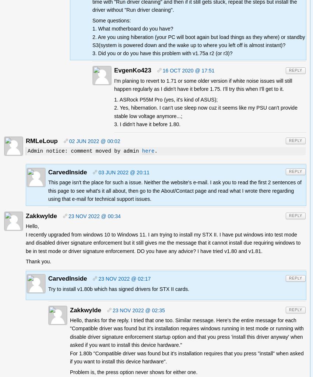 The image size is (313, 377). What do you see at coordinates (163, 242) in the screenshot?
I see `'I recently upgraded from windows 10 to Windows 11. I am trying to install my STX II. I have put windows into test mode and disabled driver signature enforcement but it still gives me the message that it cannot install due requiring windows to be in test mode or driver signature enforcement. DO you have any advice? I have tried v1.80 and v1.81.'` at bounding box center [163, 242].